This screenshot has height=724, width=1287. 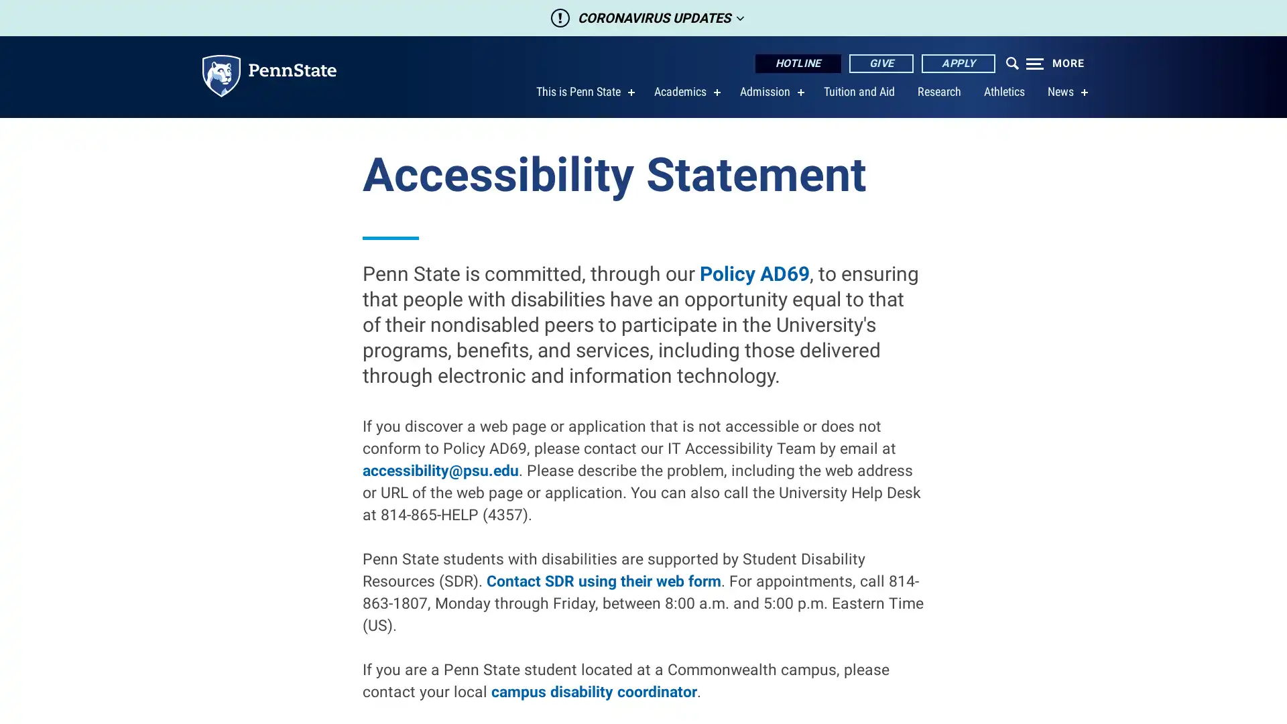 What do you see at coordinates (711, 92) in the screenshot?
I see `show submenu for Academics` at bounding box center [711, 92].